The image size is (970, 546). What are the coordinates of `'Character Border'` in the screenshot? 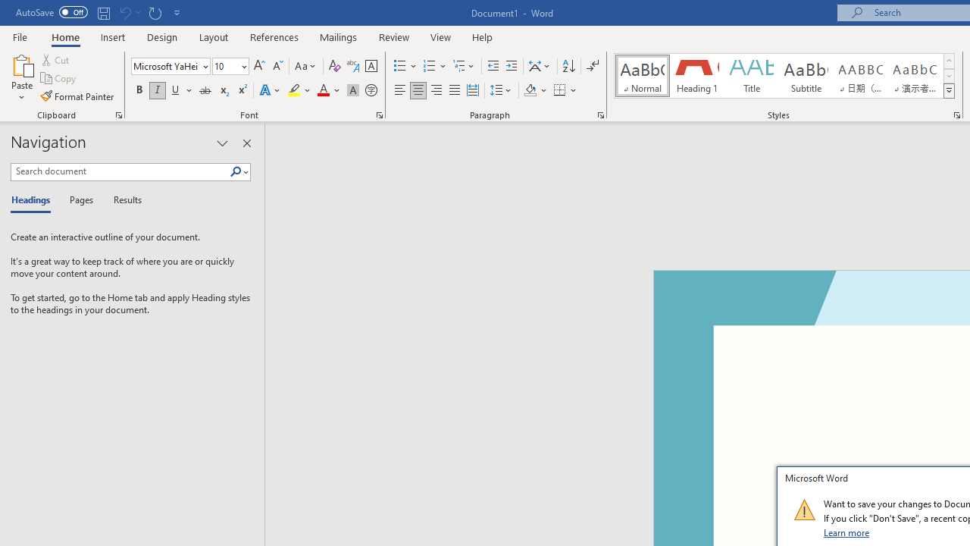 It's located at (371, 65).